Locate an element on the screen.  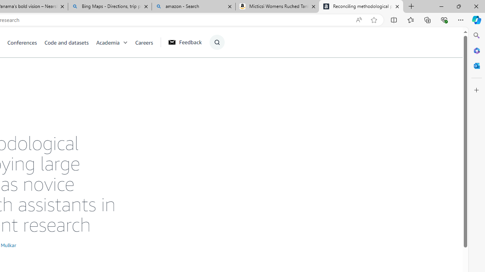
'Academia' is located at coordinates (107, 42).